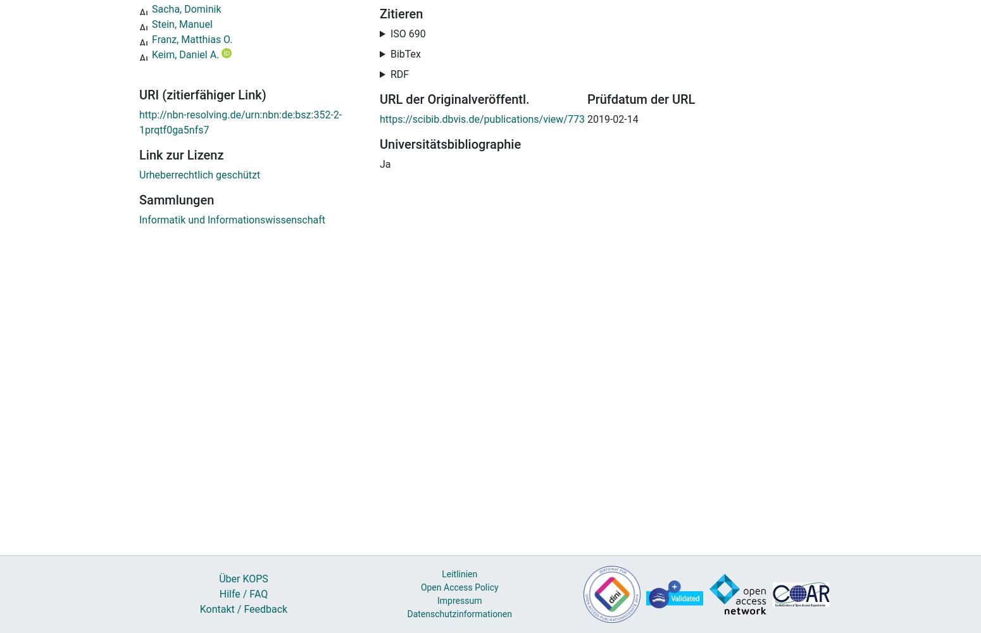 The image size is (981, 633). What do you see at coordinates (459, 613) in the screenshot?
I see `'Datenschutzinformationen'` at bounding box center [459, 613].